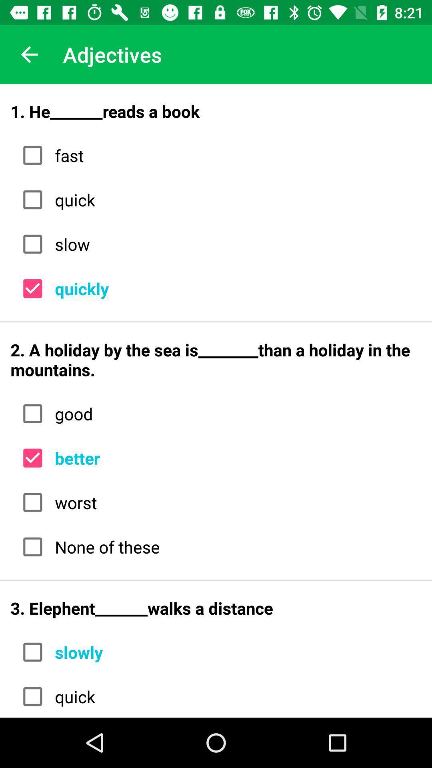 The height and width of the screenshot is (768, 432). Describe the element at coordinates (216, 111) in the screenshot. I see `1 he_______reads a icon` at that location.